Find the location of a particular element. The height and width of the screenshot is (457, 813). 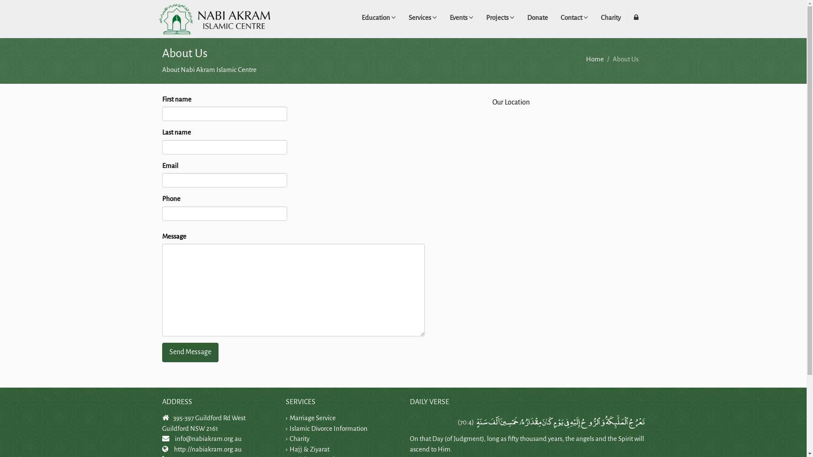

'Projects' is located at coordinates (500, 18).